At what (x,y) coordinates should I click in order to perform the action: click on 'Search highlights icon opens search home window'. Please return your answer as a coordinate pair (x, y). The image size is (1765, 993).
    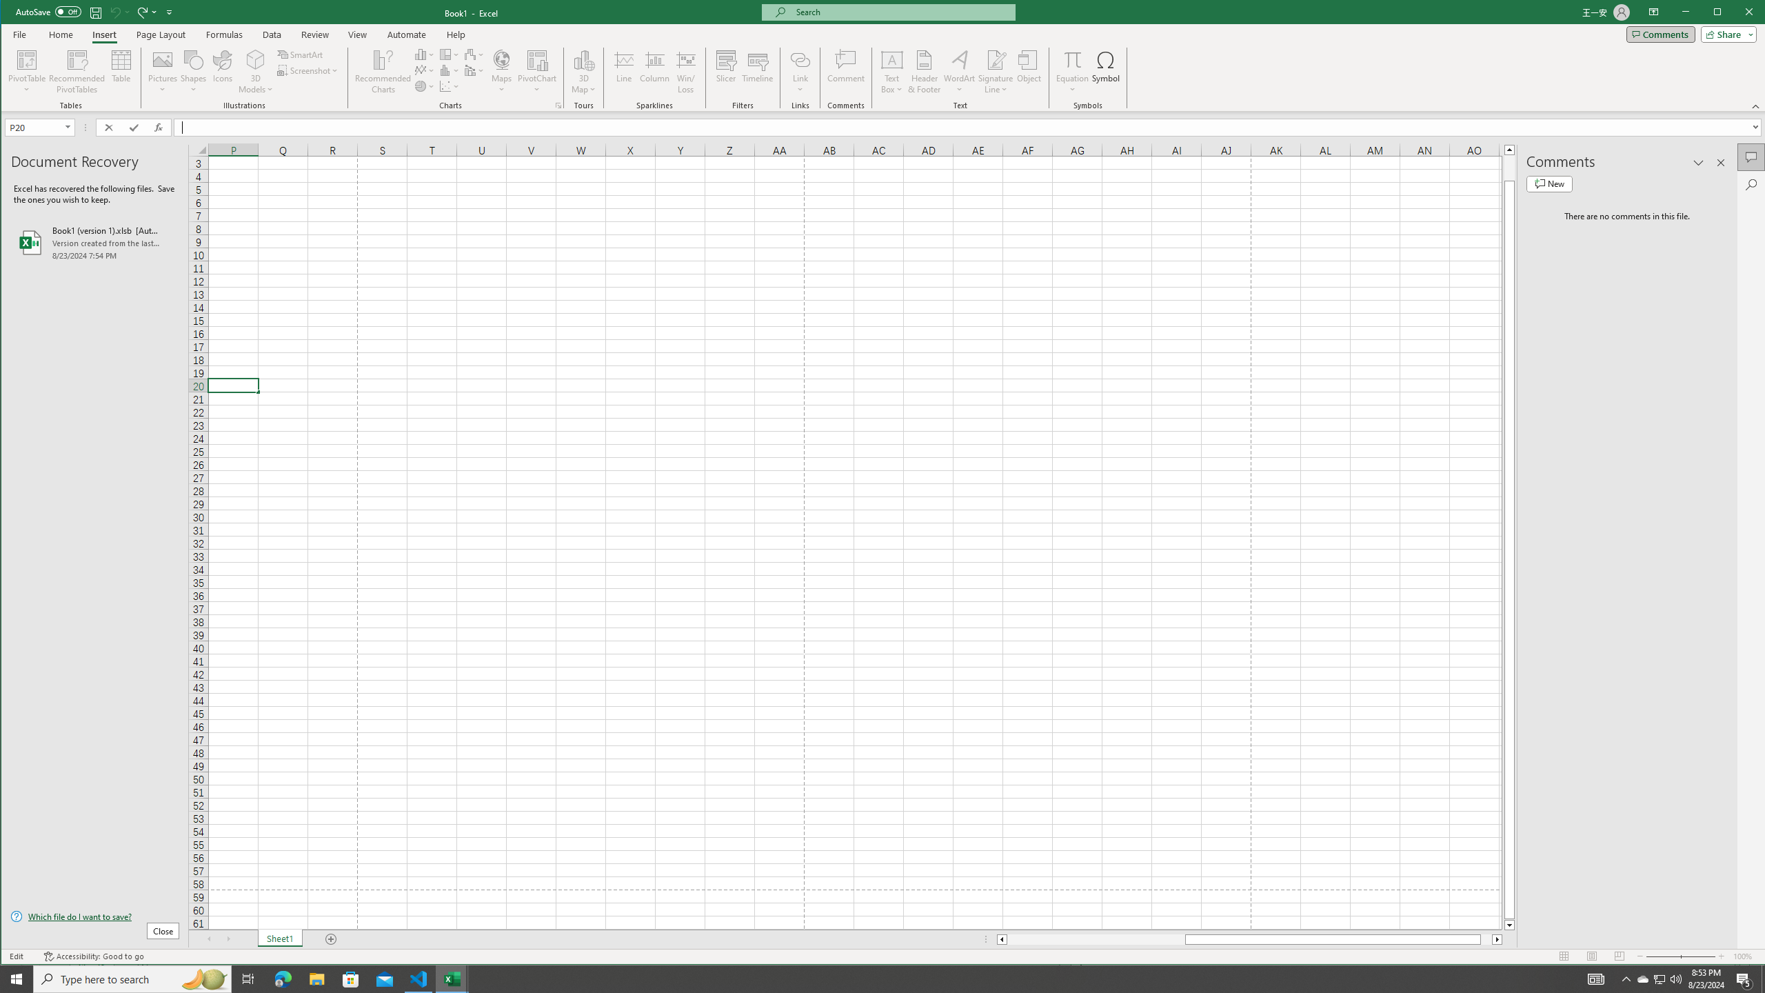
    Looking at the image, I should click on (203, 978).